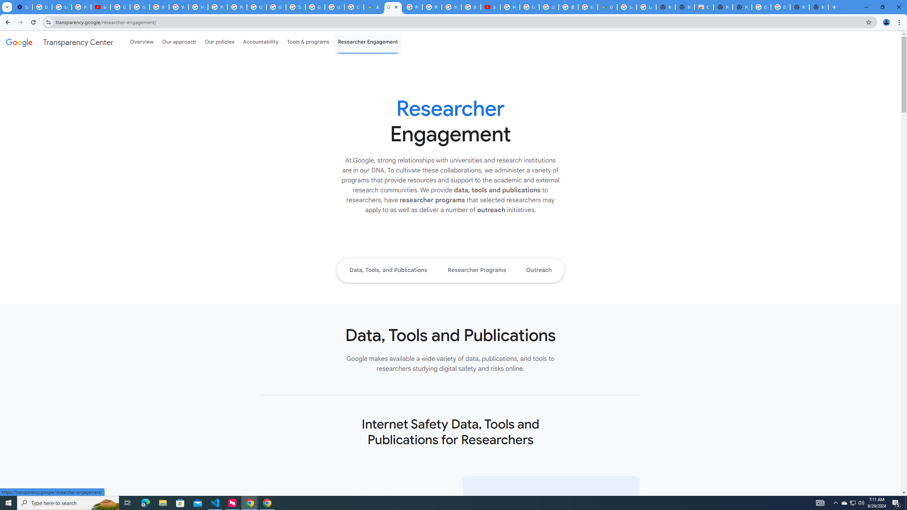 This screenshot has height=510, width=907. I want to click on 'Explore new street-level details - Google Maps Help', so click(587, 7).